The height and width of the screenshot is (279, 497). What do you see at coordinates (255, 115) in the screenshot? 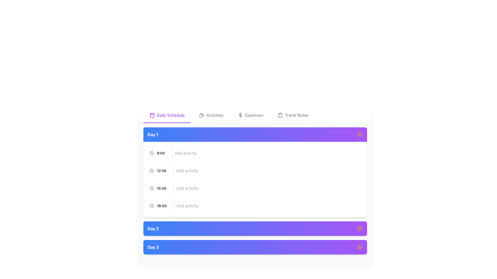
I see `the 'Daily Schedule' tab in the navigation bar` at bounding box center [255, 115].